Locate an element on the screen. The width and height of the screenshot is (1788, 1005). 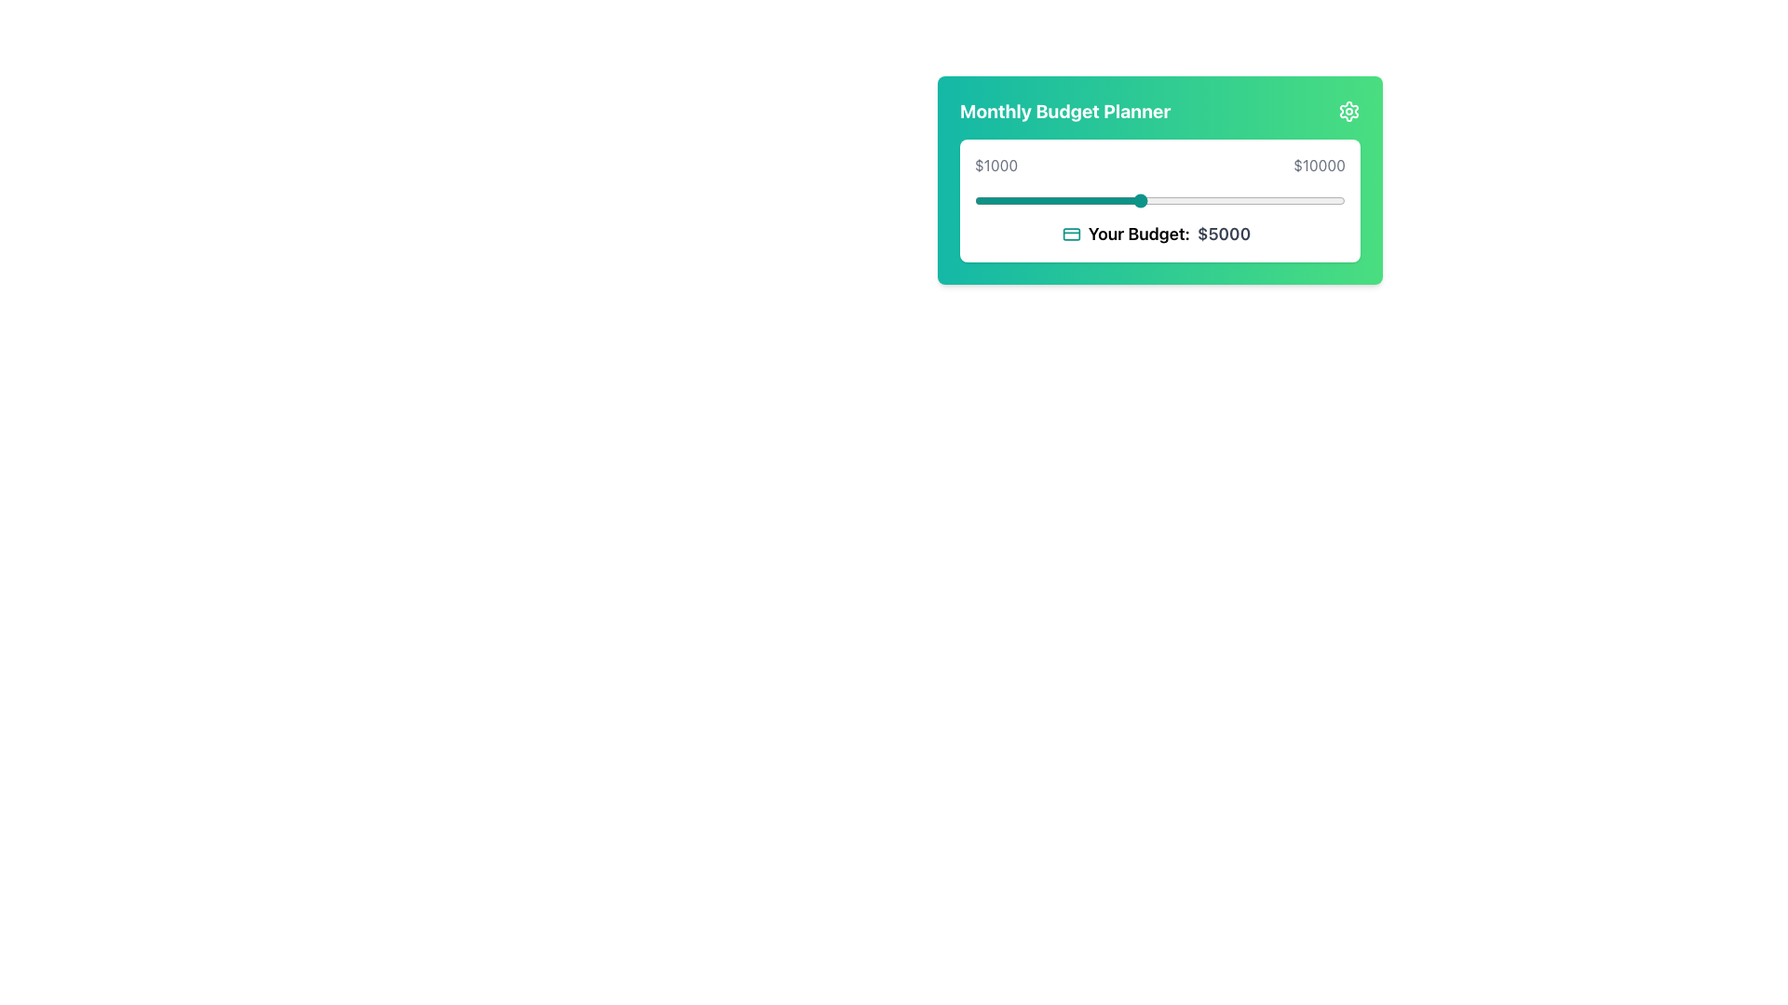
the budget slider is located at coordinates (1134, 201).